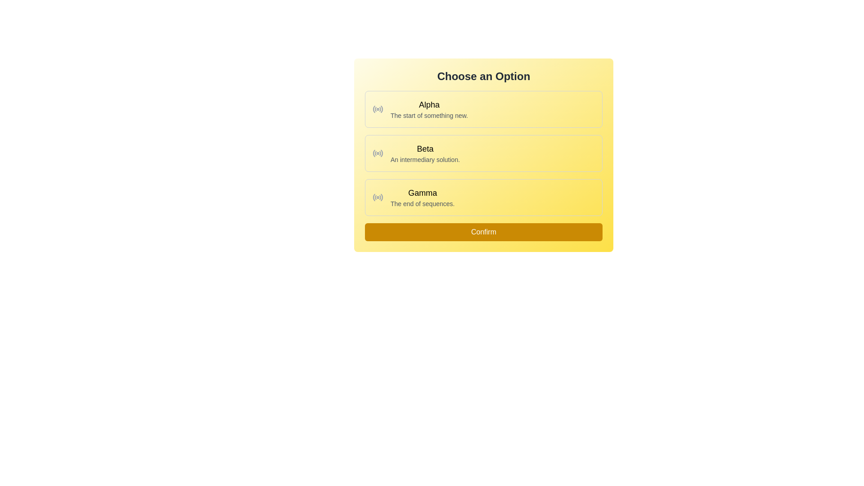 This screenshot has height=486, width=864. What do you see at coordinates (483, 153) in the screenshot?
I see `the second selectable list item labeled 'Beta' in the option menu` at bounding box center [483, 153].